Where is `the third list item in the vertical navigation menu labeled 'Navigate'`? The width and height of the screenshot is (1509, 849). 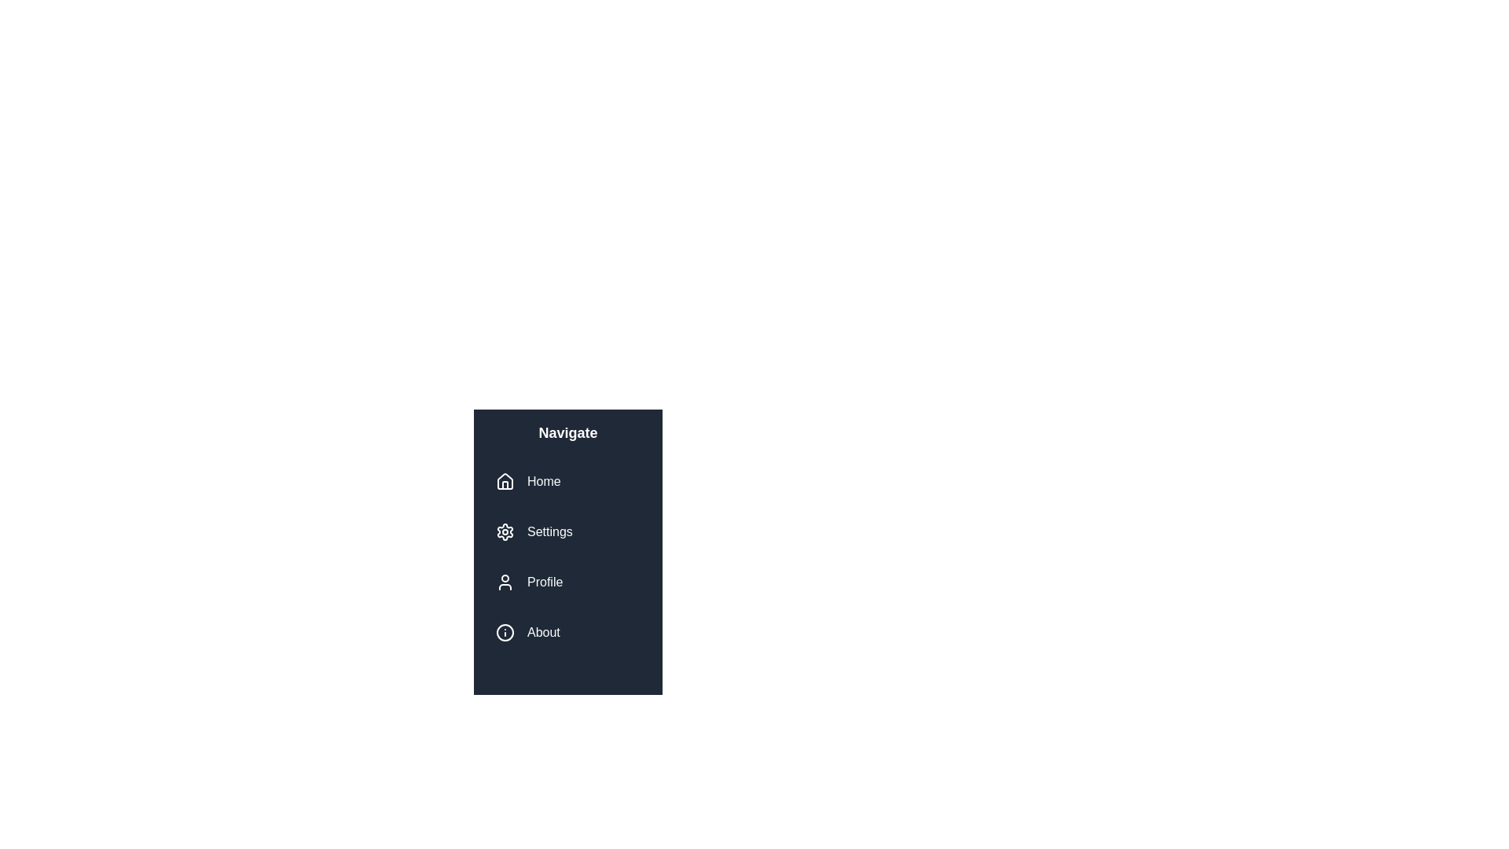
the third list item in the vertical navigation menu labeled 'Navigate' is located at coordinates (567, 582).